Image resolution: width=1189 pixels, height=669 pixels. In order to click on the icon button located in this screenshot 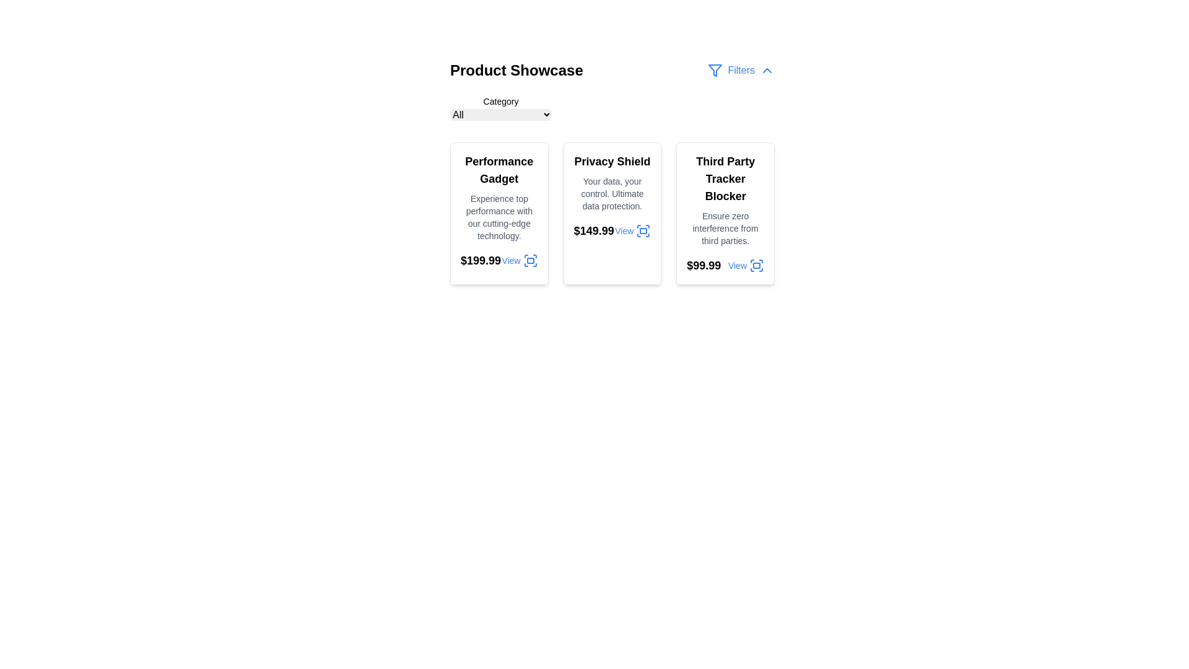, I will do `click(643, 231)`.